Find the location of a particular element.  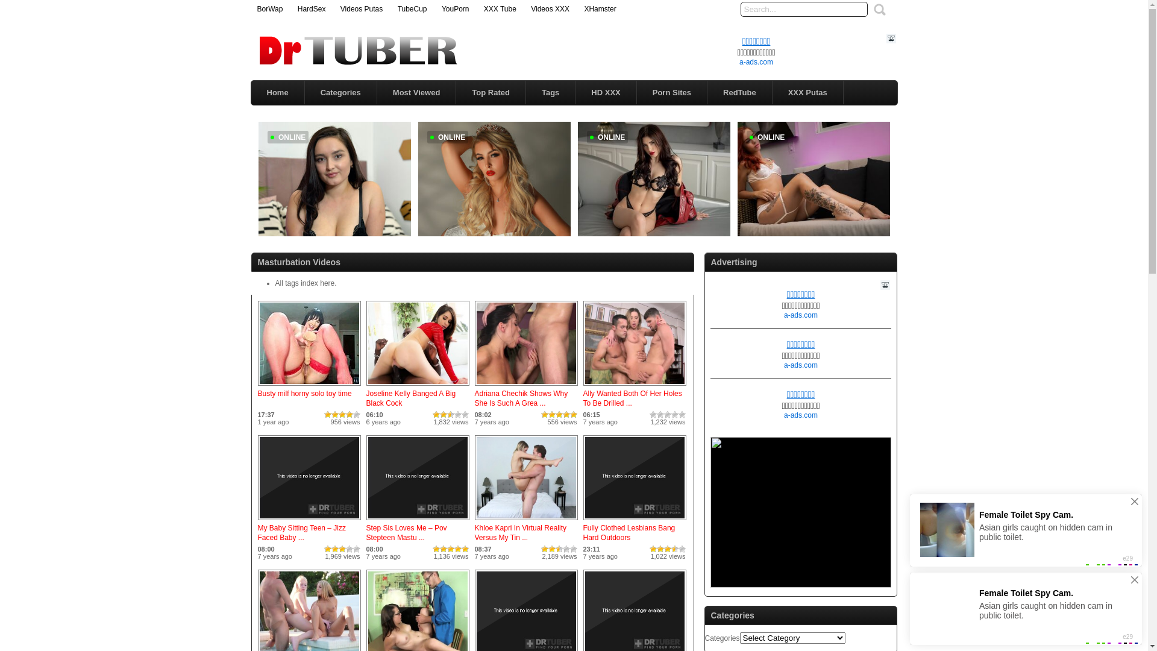

'TubeCup' is located at coordinates (412, 9).